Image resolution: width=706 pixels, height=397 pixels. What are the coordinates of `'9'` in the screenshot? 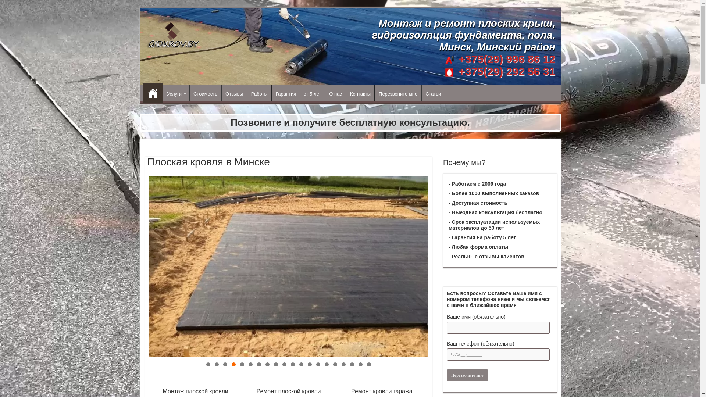 It's located at (275, 364).